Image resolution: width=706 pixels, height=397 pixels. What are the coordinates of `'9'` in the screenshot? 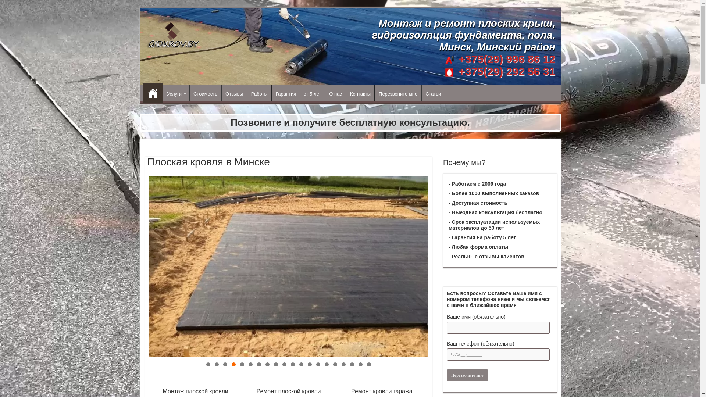 It's located at (275, 364).